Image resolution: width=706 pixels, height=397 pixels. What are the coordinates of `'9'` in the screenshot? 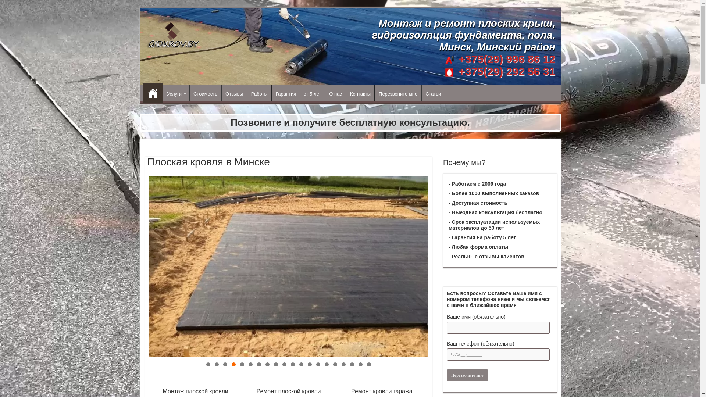 It's located at (275, 364).